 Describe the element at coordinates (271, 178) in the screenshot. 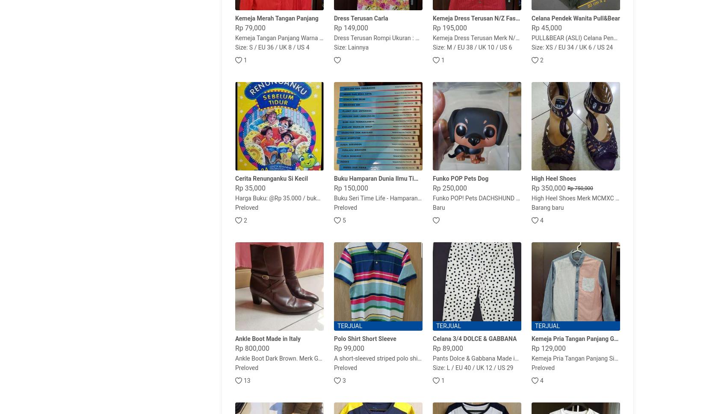

I see `'Cerita Renunganku Si Kecil'` at that location.